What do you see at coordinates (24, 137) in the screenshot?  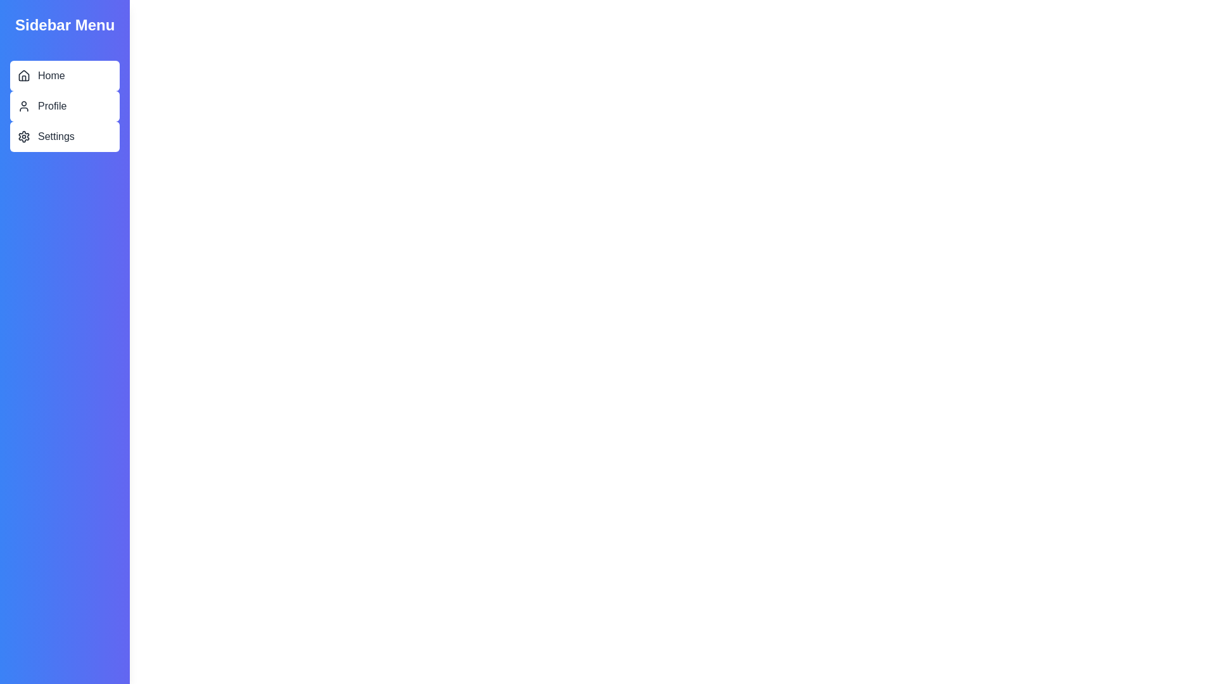 I see `the icon located within the 'Settings' button of the vertical sidebar menu` at bounding box center [24, 137].